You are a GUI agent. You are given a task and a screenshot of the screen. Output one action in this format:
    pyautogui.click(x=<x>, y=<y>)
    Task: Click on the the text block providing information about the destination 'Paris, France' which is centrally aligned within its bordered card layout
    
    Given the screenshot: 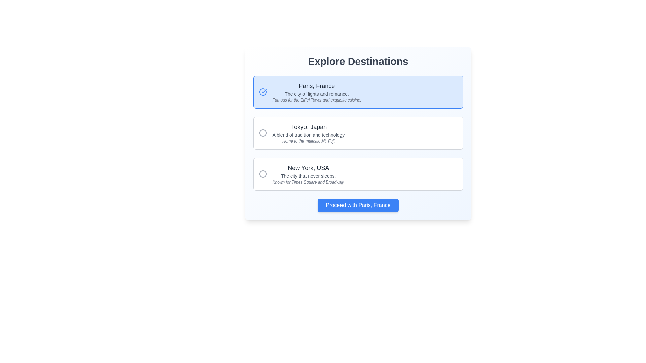 What is the action you would take?
    pyautogui.click(x=316, y=92)
    